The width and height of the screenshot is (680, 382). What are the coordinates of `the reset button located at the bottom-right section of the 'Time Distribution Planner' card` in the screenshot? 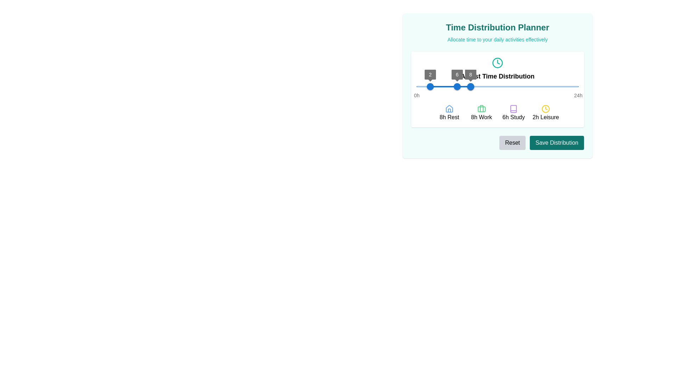 It's located at (512, 143).